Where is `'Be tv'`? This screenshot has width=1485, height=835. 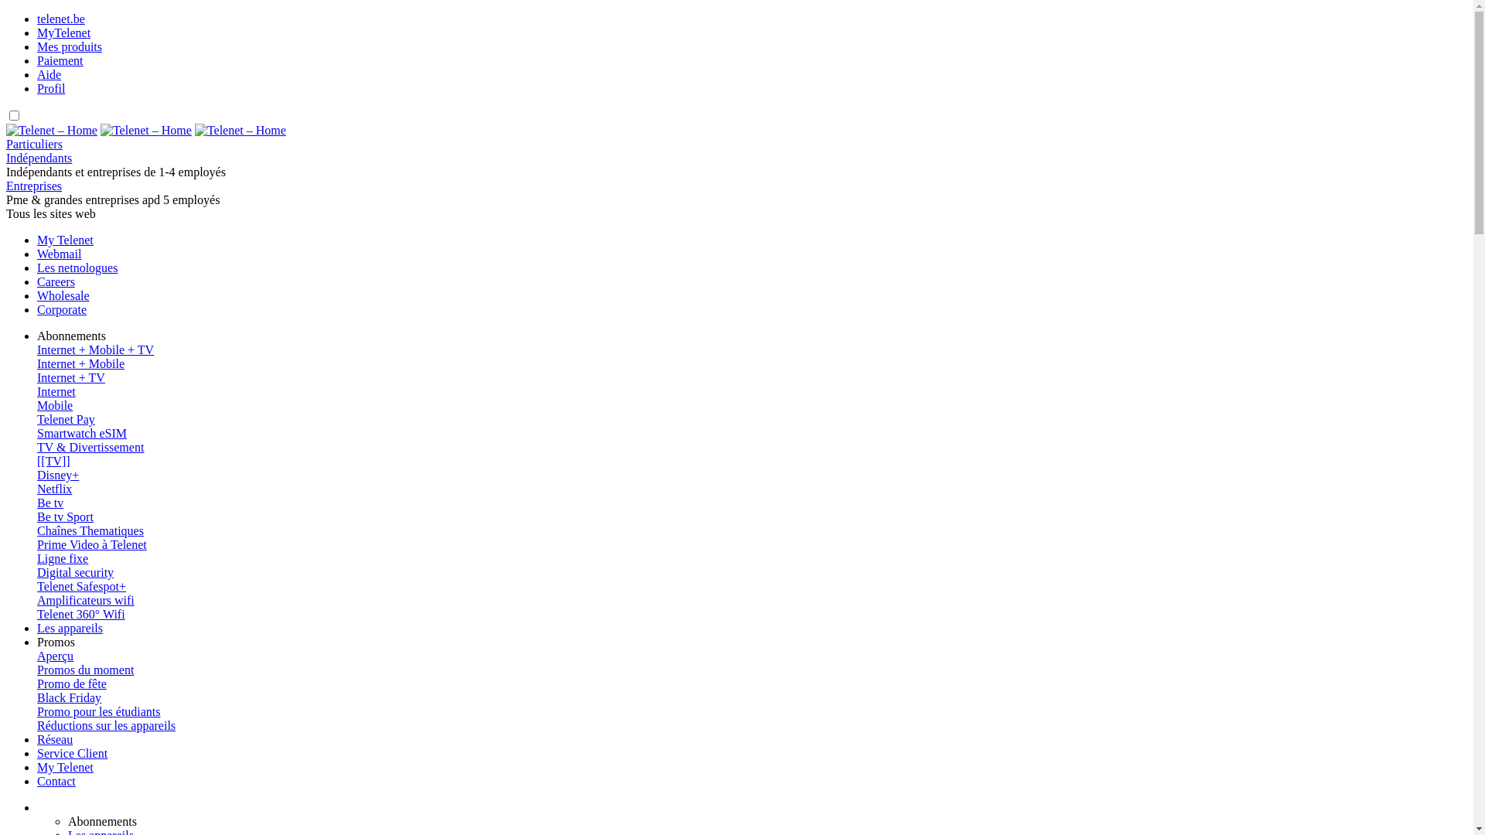
'Be tv' is located at coordinates (50, 503).